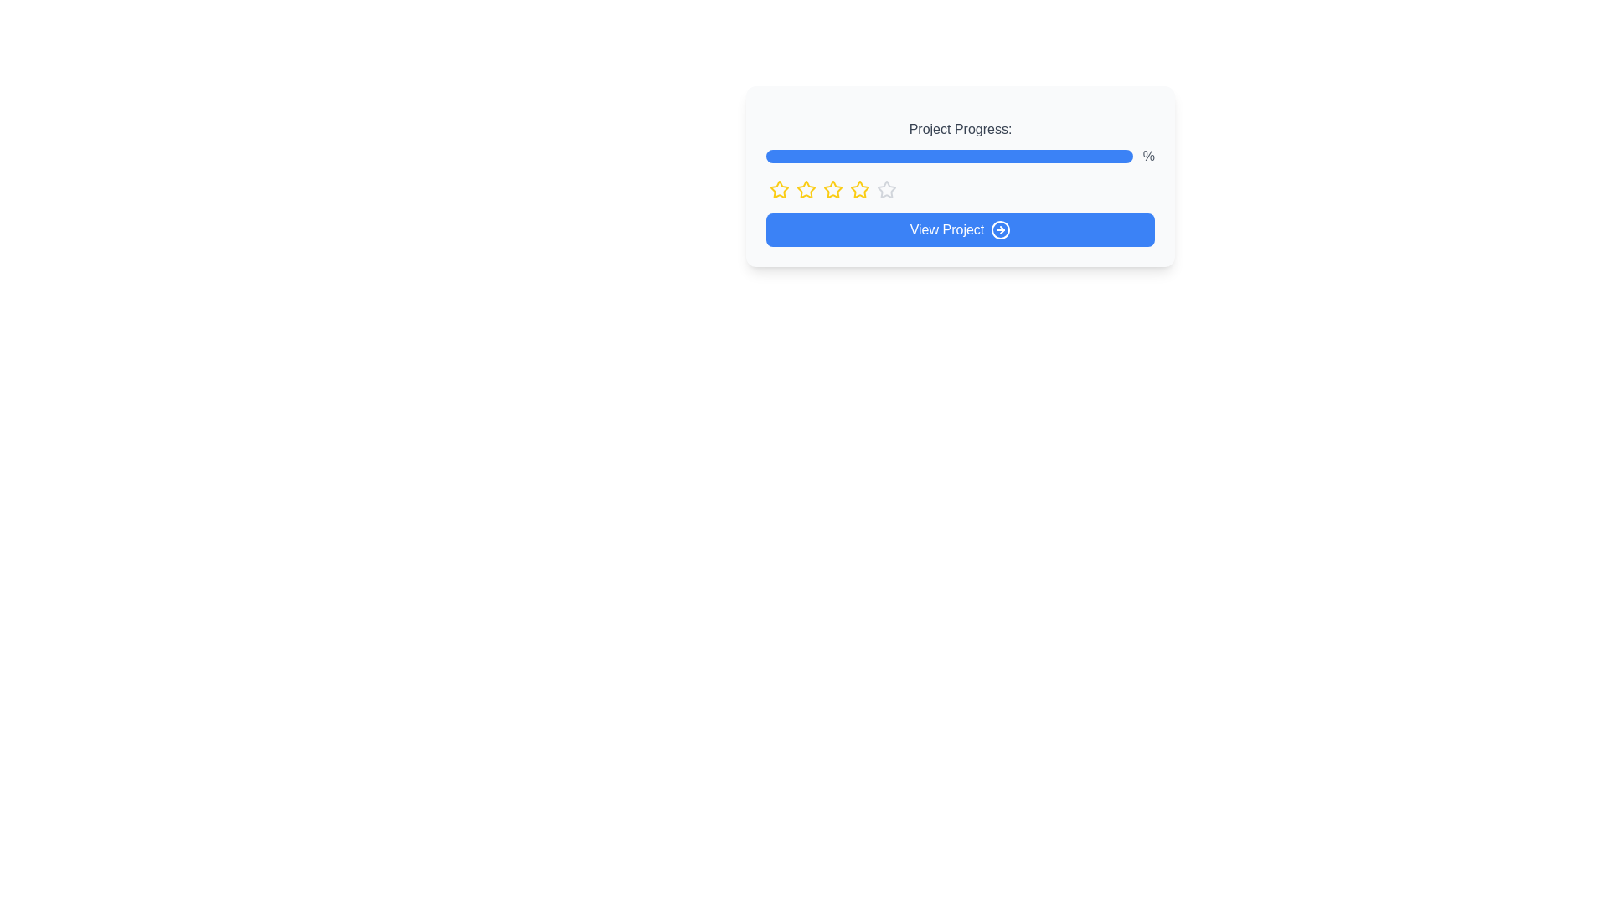  Describe the element at coordinates (1147, 156) in the screenshot. I see `the percentage text element located to the right of the progress bar, which indicates the value displayed by the progress bar` at that location.